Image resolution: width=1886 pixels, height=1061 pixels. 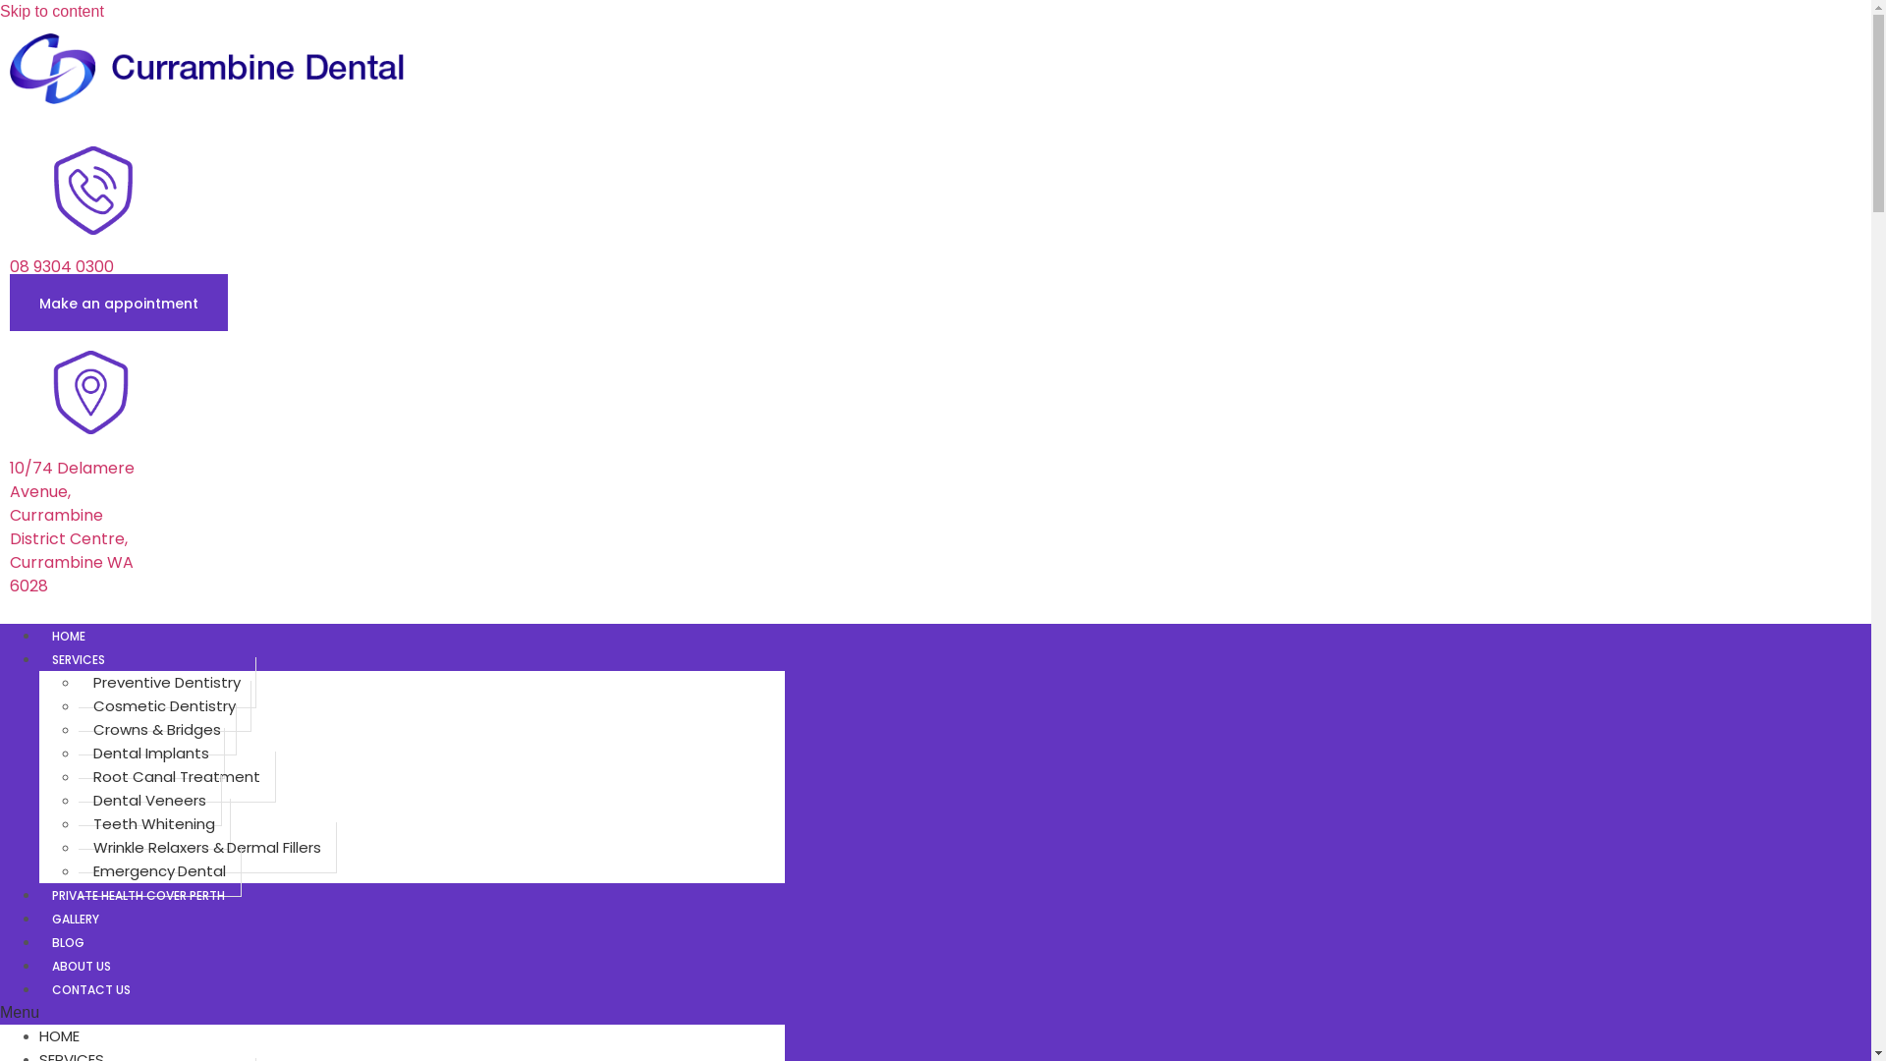 I want to click on 'Crowns & Bridges', so click(x=157, y=730).